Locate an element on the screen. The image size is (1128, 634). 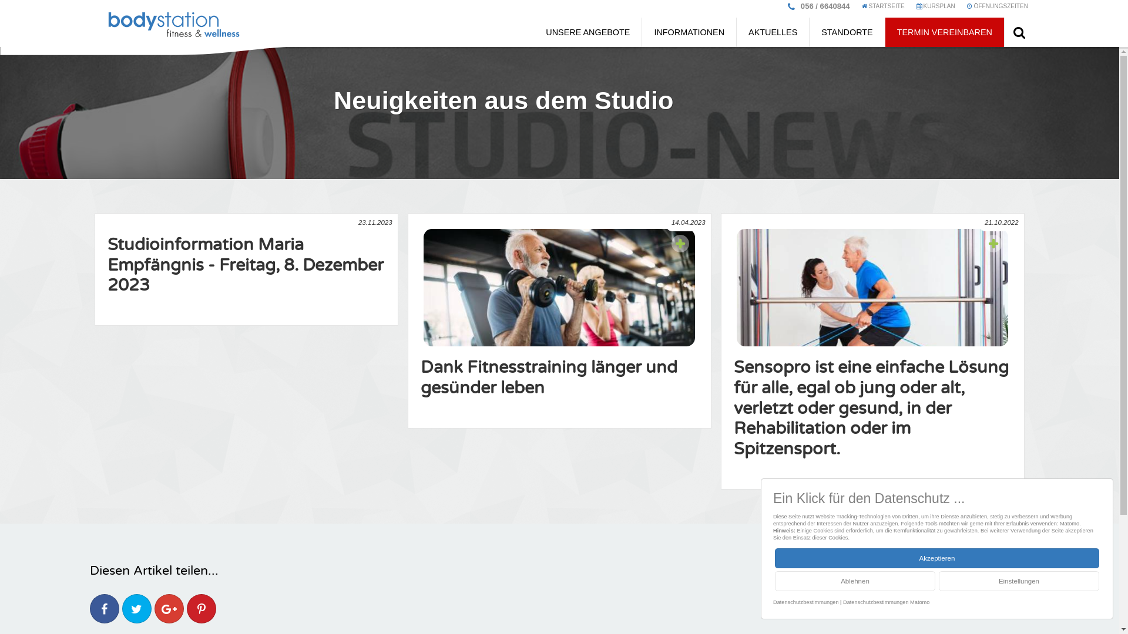
'Datenschutzbestimmungen Matomo' is located at coordinates (886, 602).